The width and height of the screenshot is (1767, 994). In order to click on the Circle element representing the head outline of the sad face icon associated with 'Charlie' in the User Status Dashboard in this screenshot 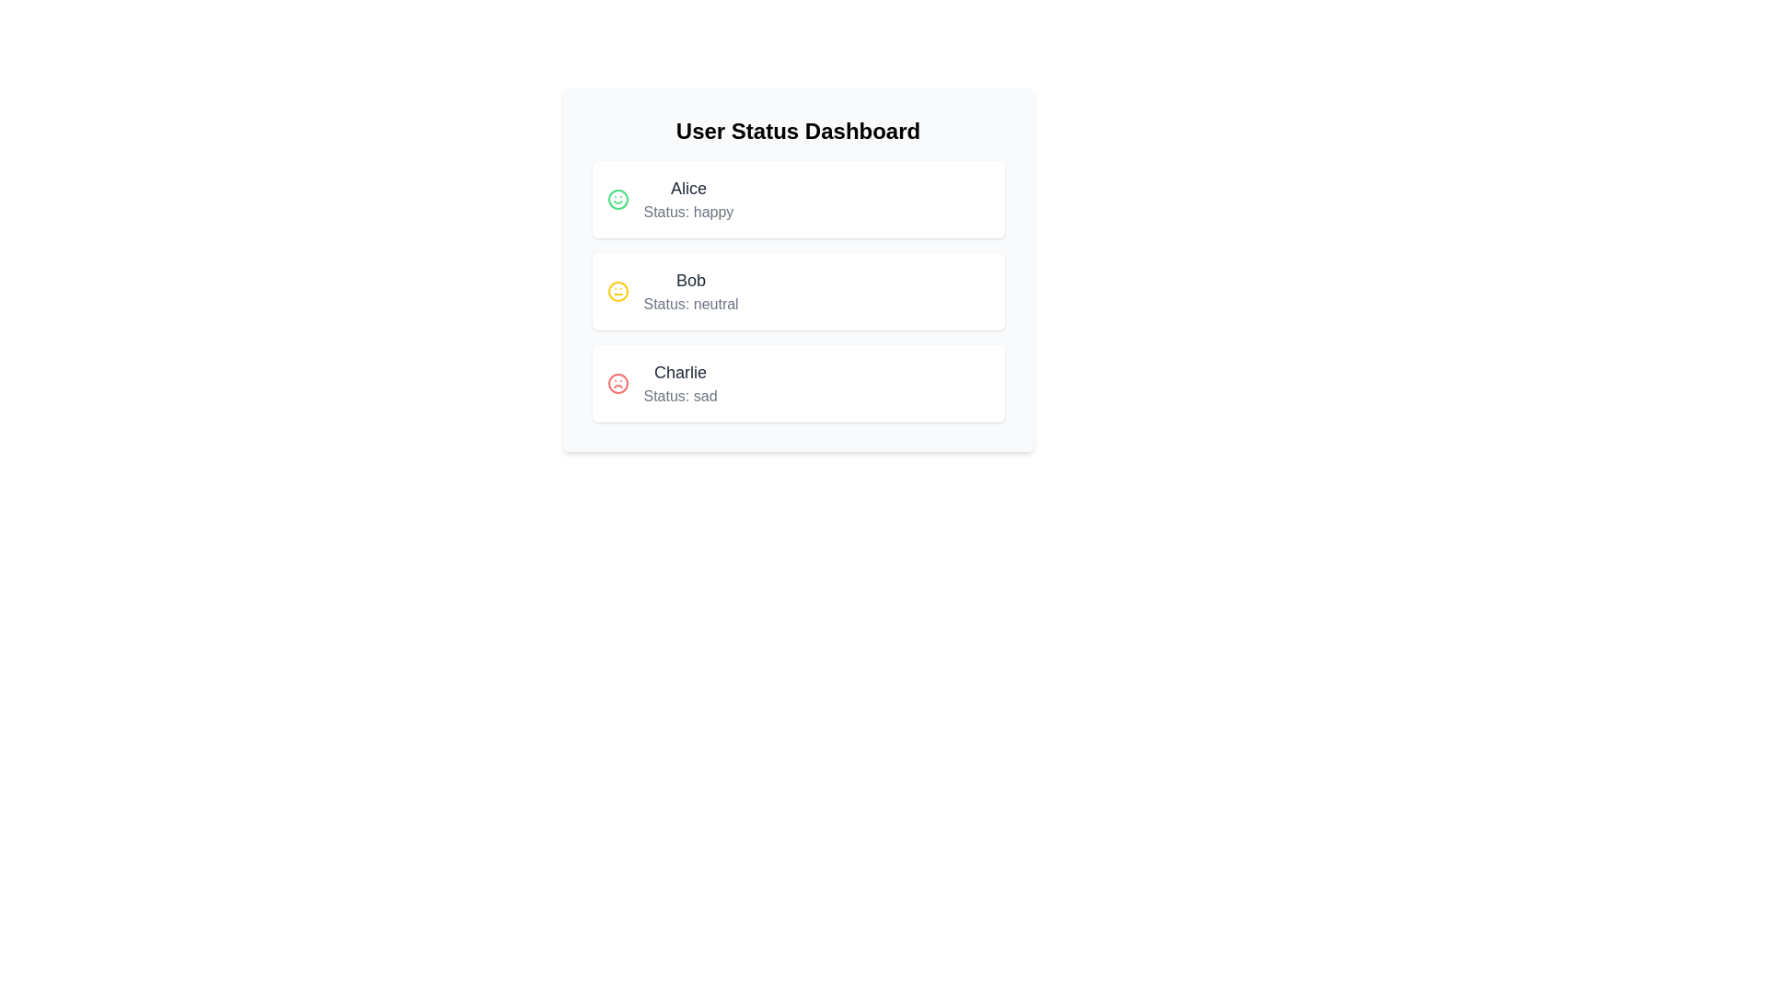, I will do `click(618, 382)`.